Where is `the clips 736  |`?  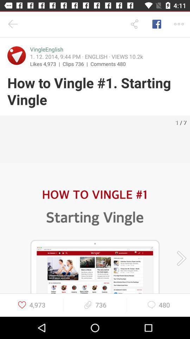 the clips 736  | is located at coordinates (76, 63).